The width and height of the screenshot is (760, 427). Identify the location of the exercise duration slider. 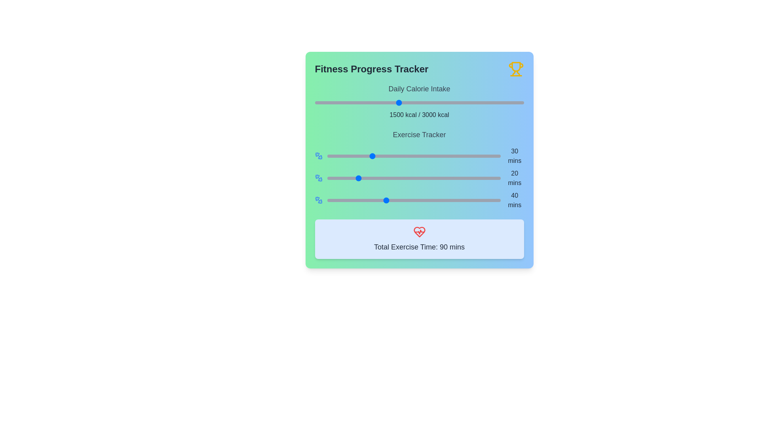
(418, 178).